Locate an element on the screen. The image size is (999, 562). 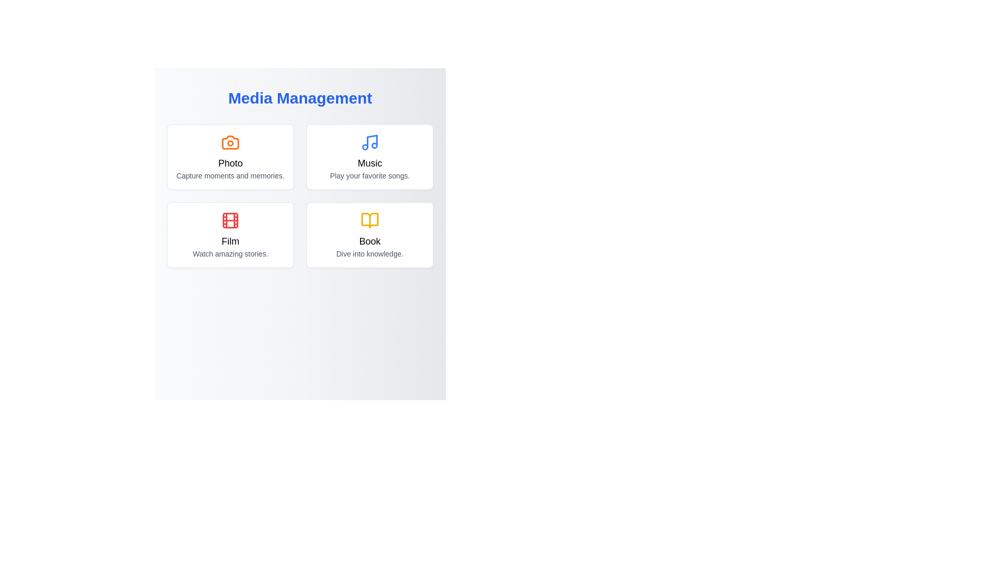
header text that signifies the title of the section related to media management, located centrally at the top of the interface is located at coordinates (299, 98).